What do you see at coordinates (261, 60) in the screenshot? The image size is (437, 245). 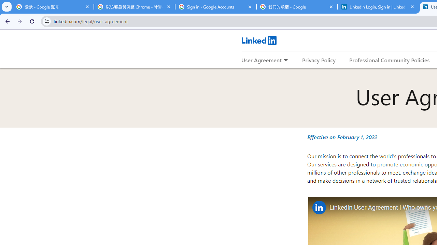 I see `'User Agreement'` at bounding box center [261, 60].